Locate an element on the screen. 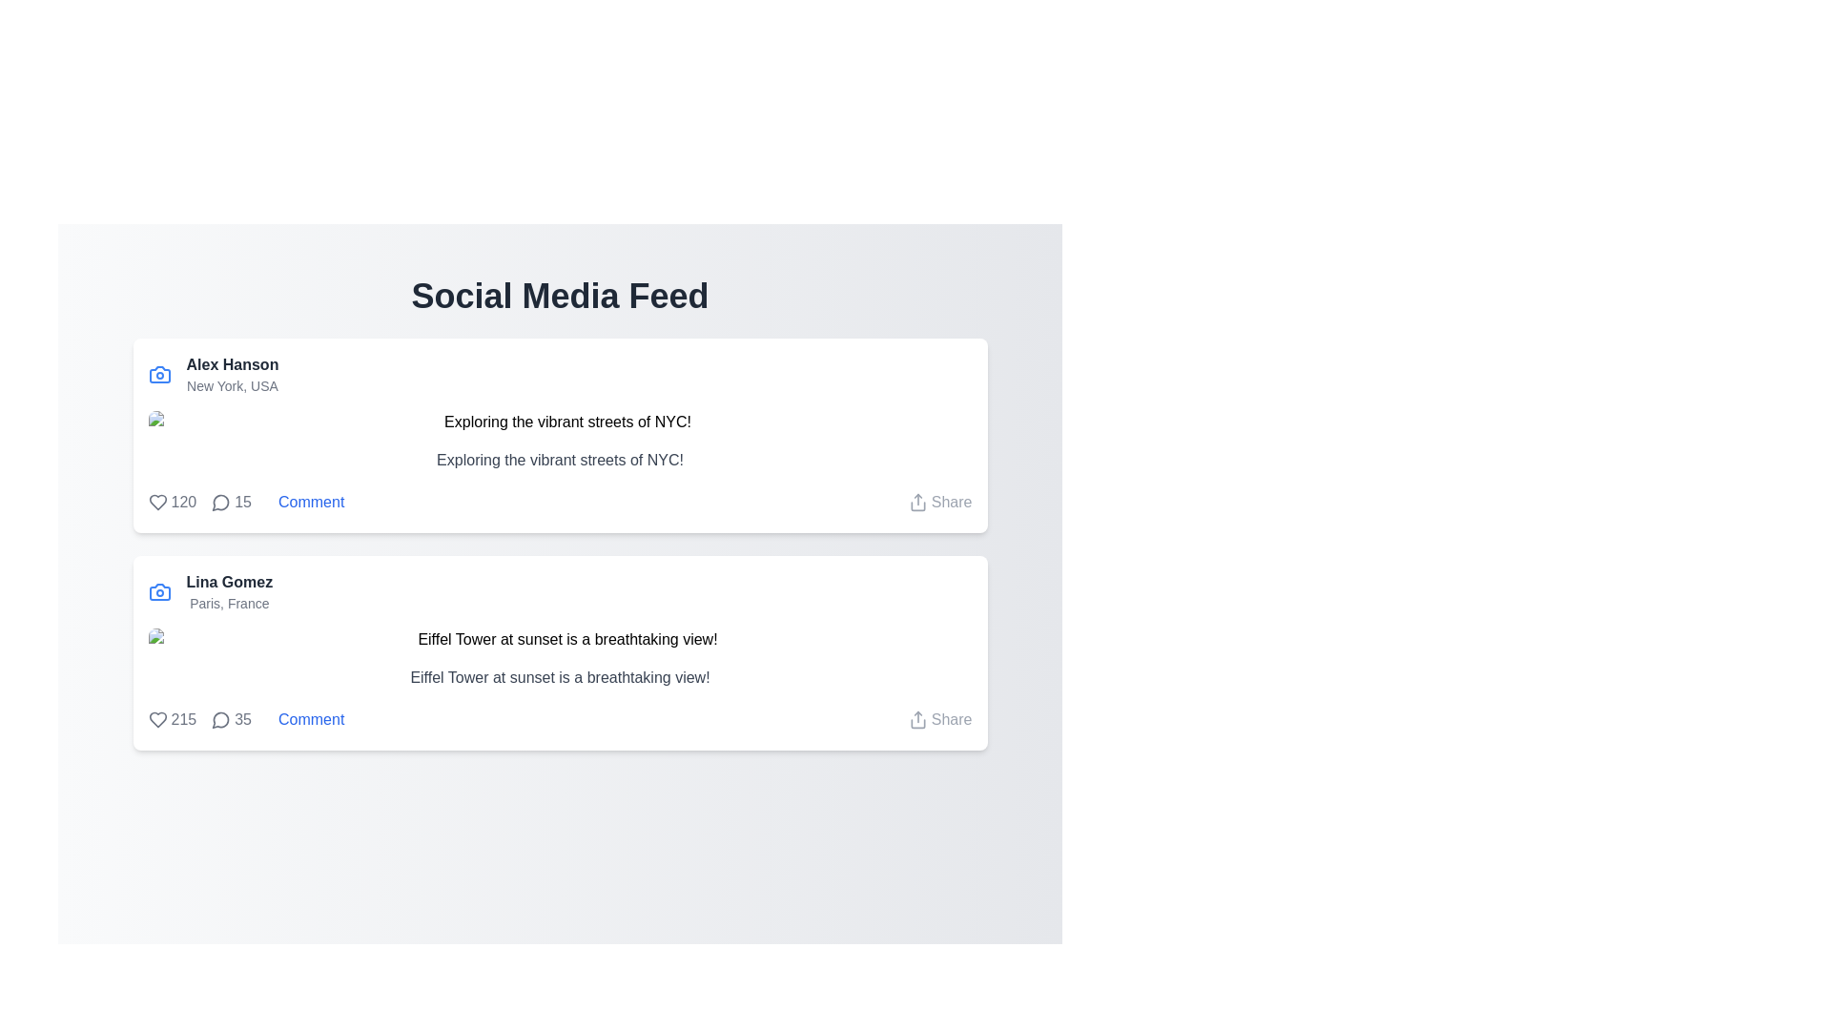 Image resolution: width=1831 pixels, height=1030 pixels. the user profile picture icon located in the top user post's card, positioned to the left of the user name and location text is located at coordinates (159, 375).